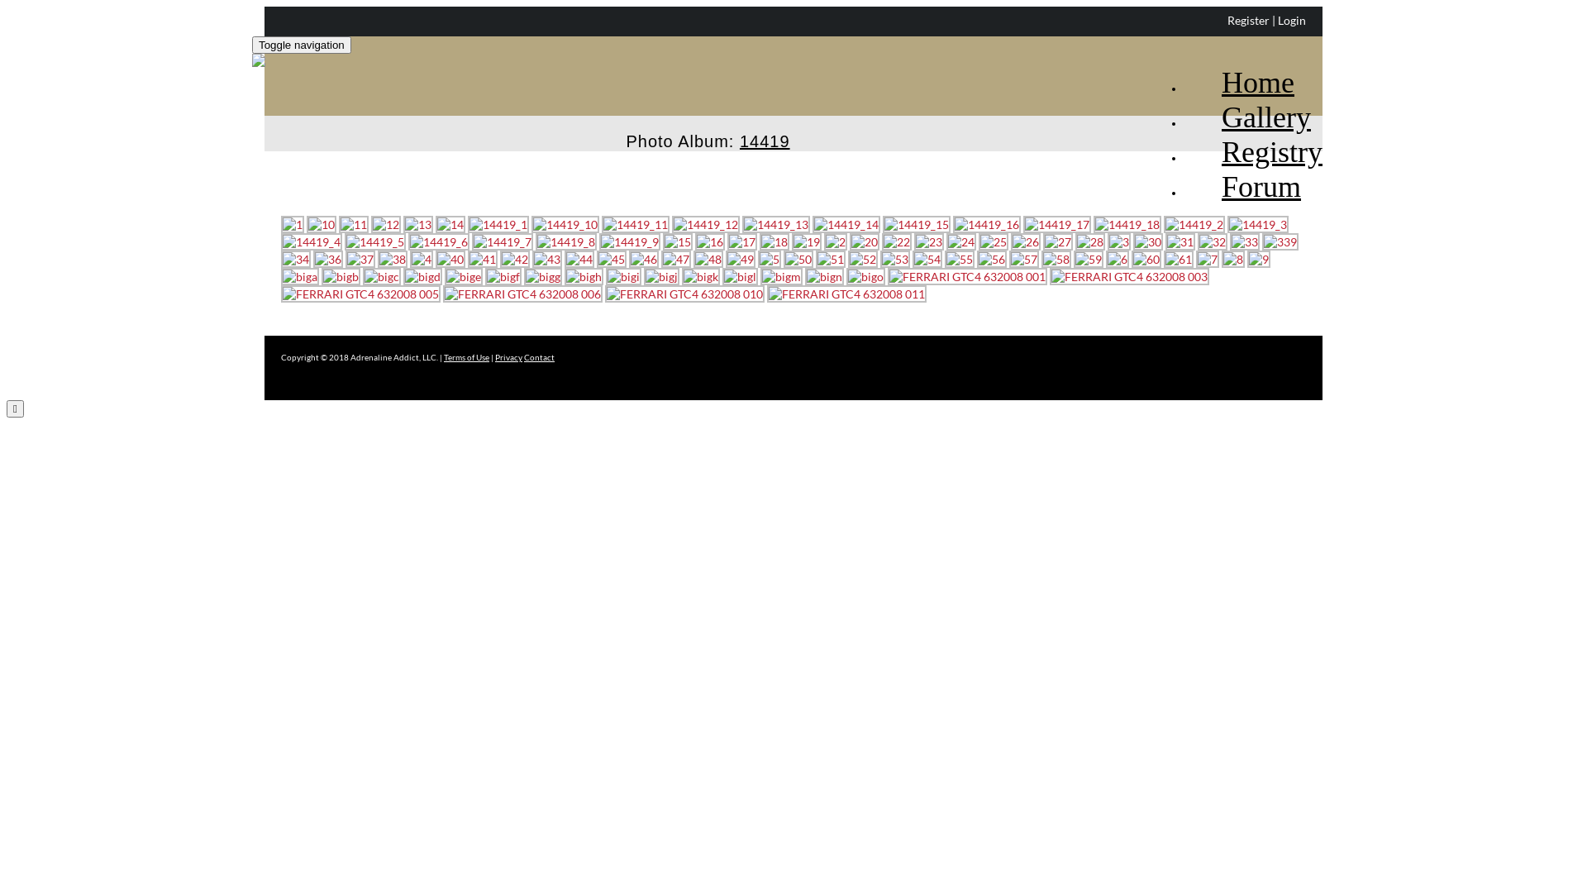 The width and height of the screenshot is (1587, 893). Describe the element at coordinates (622, 275) in the screenshot. I see `'bigi (click to enlarge)'` at that location.